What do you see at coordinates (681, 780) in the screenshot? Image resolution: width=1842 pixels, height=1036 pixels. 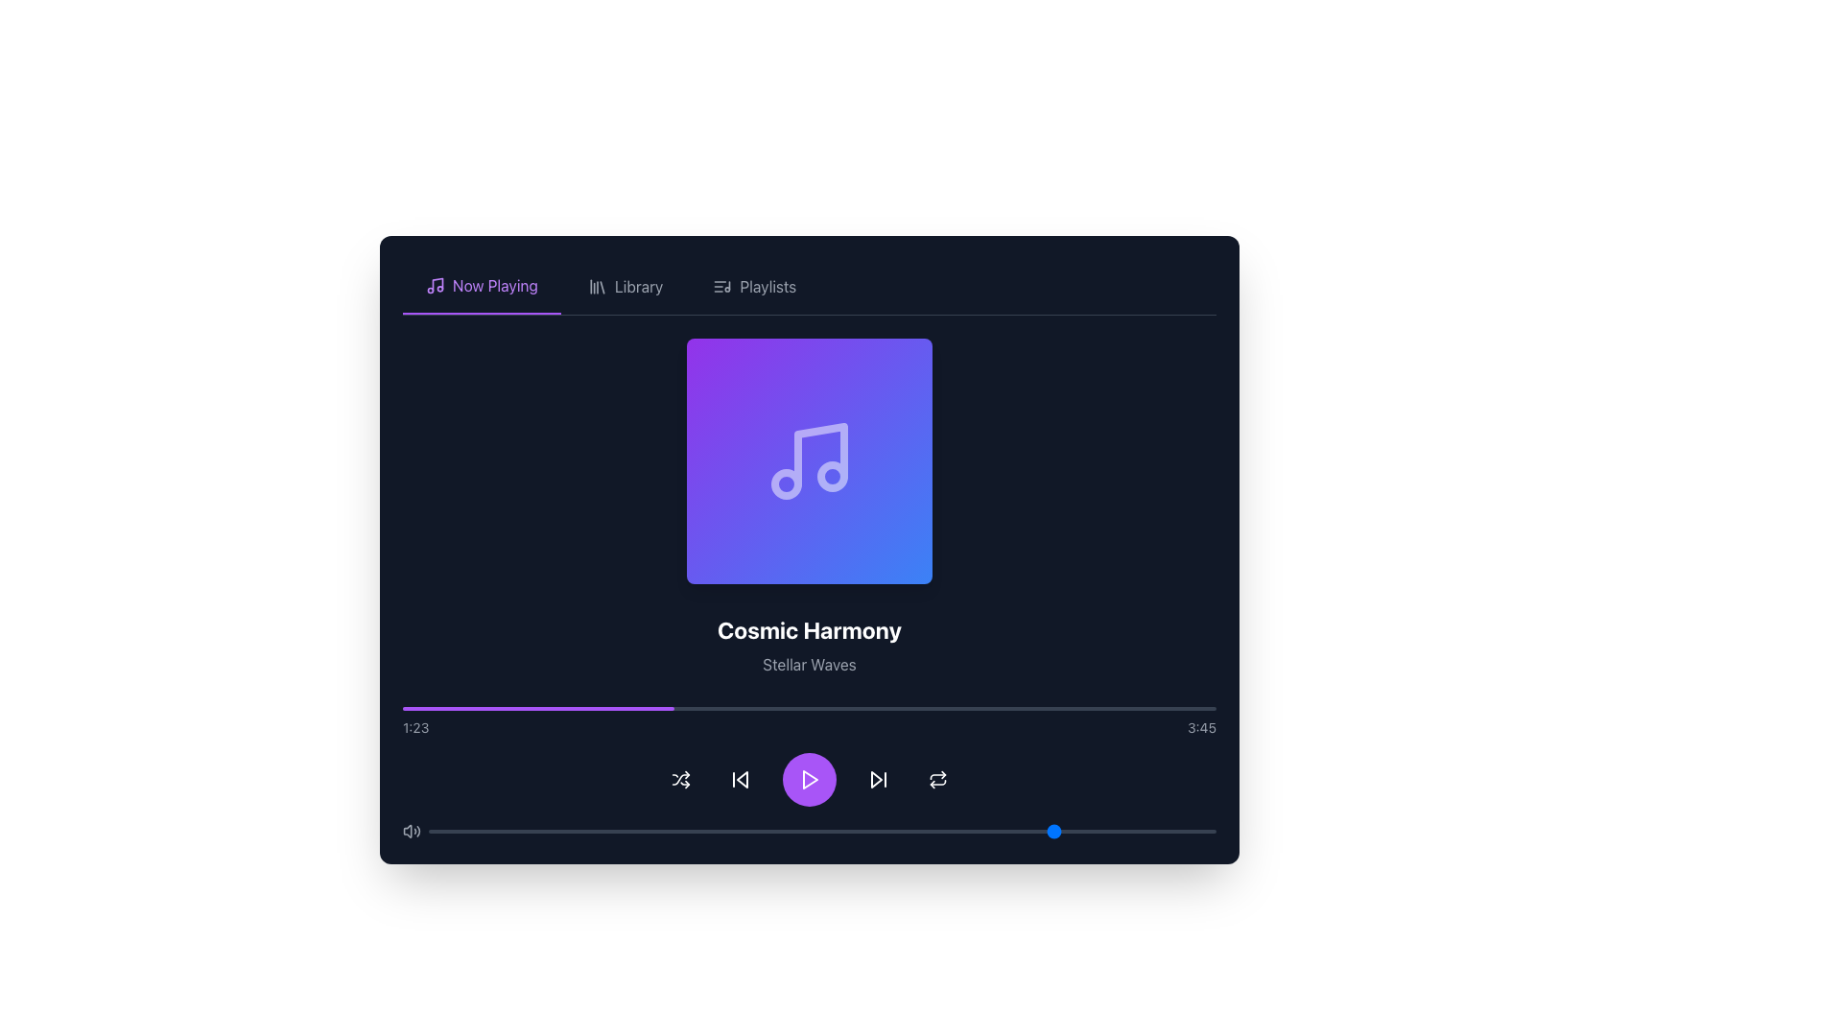 I see `the shuffle button, which is represented by two arrows crossing over, outlined in white against a dark background` at bounding box center [681, 780].